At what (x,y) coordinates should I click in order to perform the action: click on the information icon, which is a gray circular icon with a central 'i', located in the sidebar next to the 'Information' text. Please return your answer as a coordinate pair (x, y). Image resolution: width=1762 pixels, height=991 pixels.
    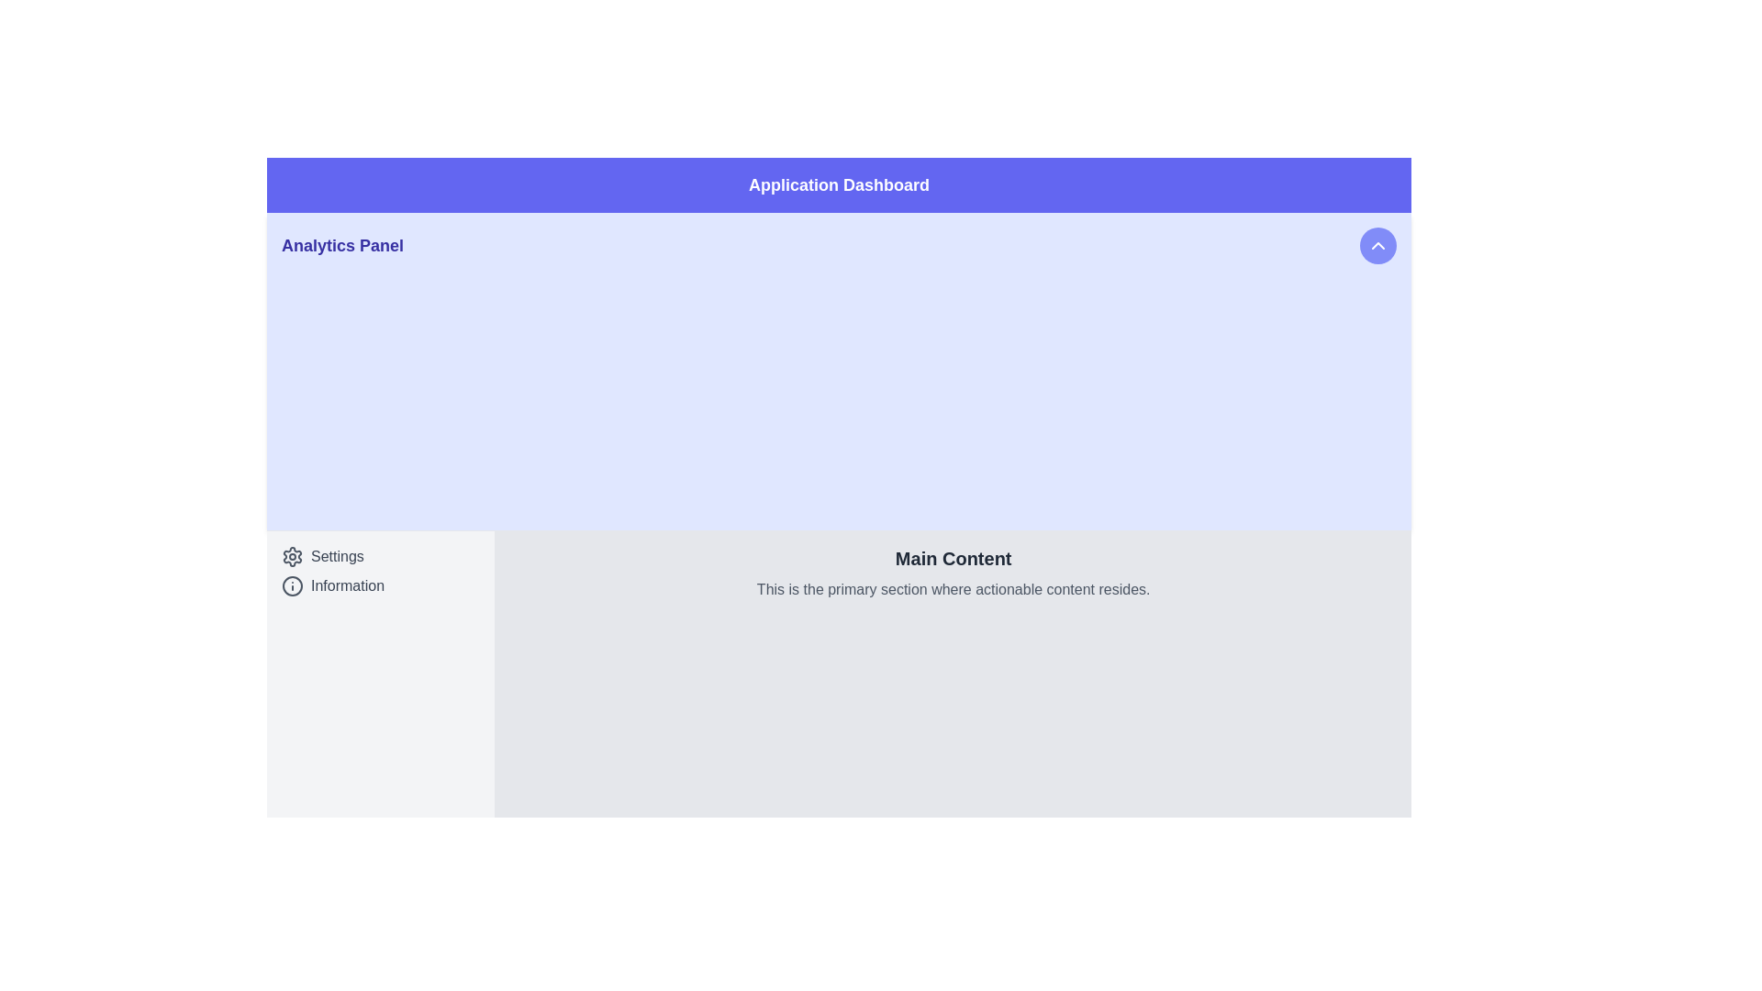
    Looking at the image, I should click on (291, 585).